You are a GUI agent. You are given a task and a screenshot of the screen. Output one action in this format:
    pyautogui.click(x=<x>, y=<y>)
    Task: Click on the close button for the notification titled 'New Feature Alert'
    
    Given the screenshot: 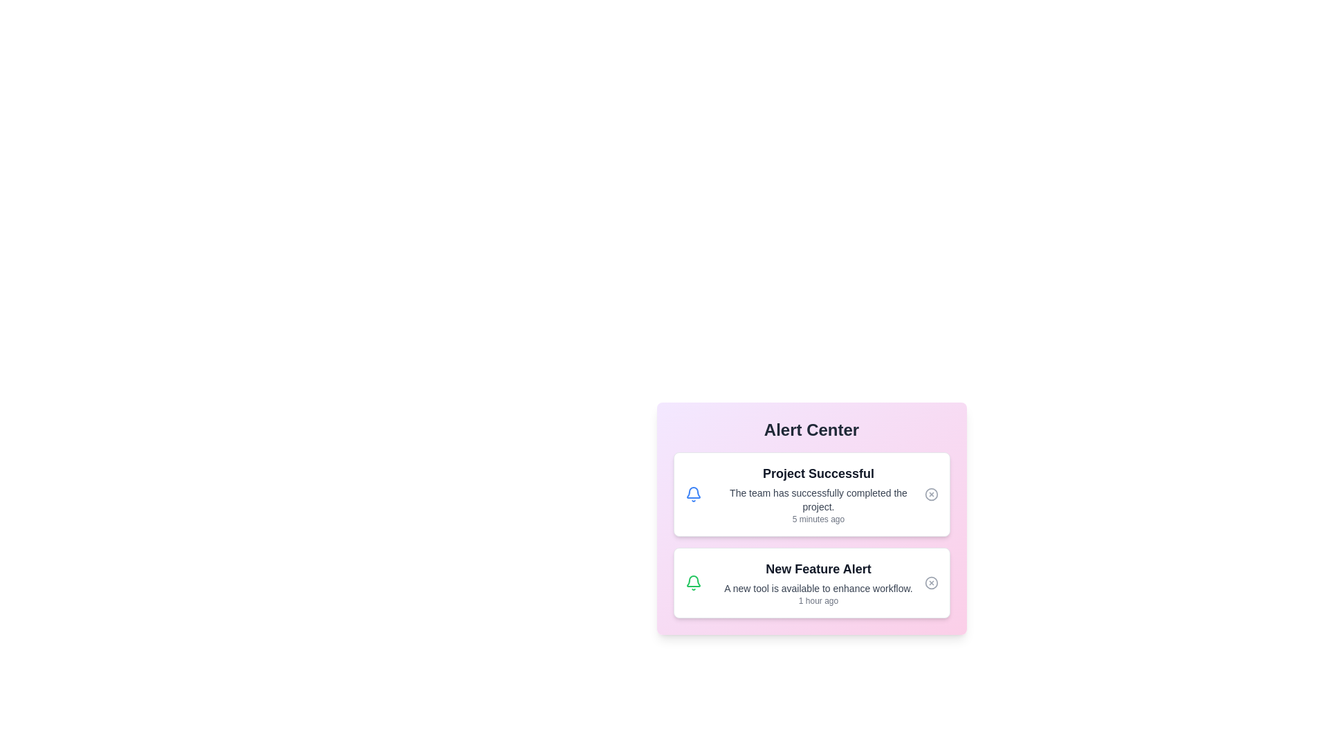 What is the action you would take?
    pyautogui.click(x=931, y=583)
    